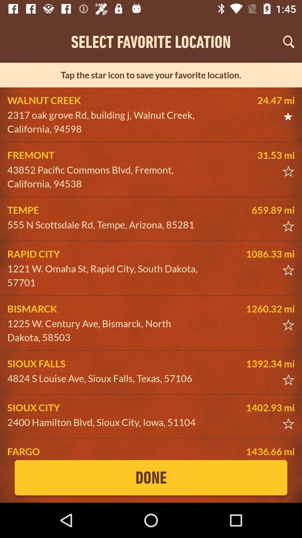 This screenshot has width=302, height=538. Describe the element at coordinates (105, 451) in the screenshot. I see `the icon above the done item` at that location.